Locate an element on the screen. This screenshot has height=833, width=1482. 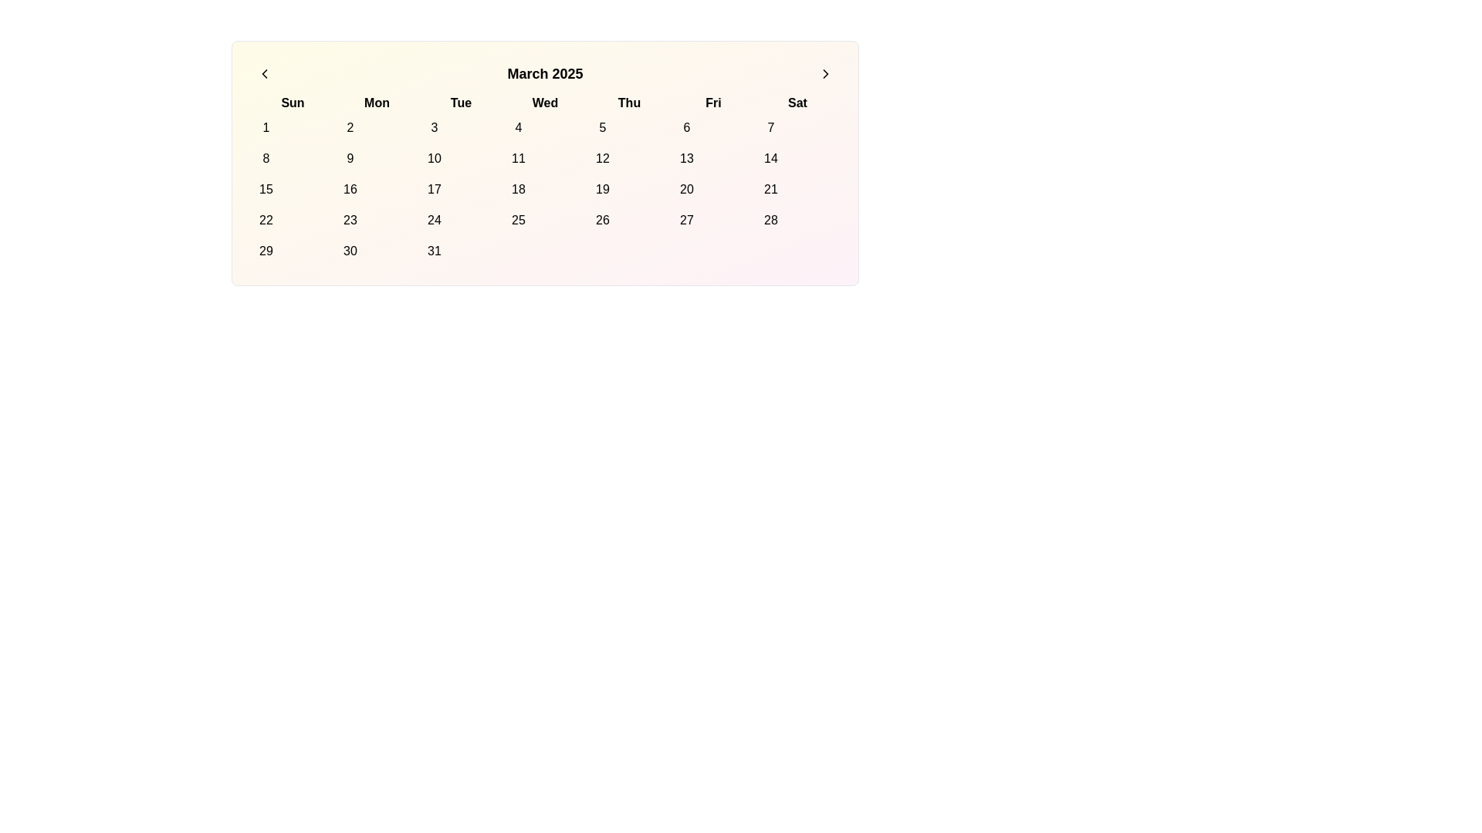
the text label displaying 'Sun', which is bold and positioned as the first day abbreviation of the week in the calendar grid is located at coordinates (293, 103).